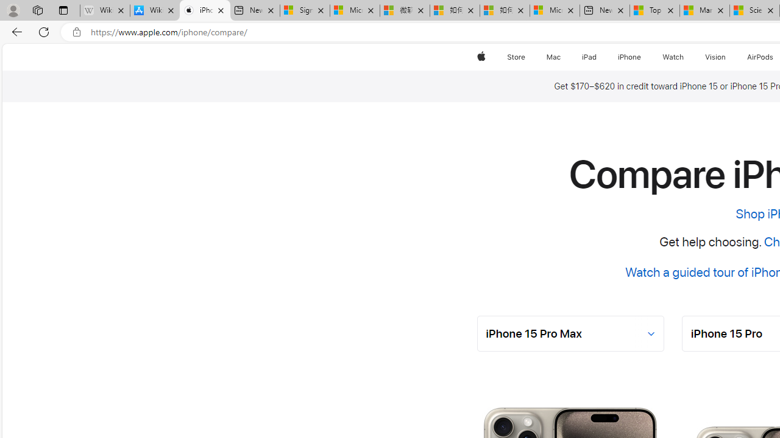 Image resolution: width=780 pixels, height=438 pixels. Describe the element at coordinates (589, 57) in the screenshot. I see `'iPad'` at that location.